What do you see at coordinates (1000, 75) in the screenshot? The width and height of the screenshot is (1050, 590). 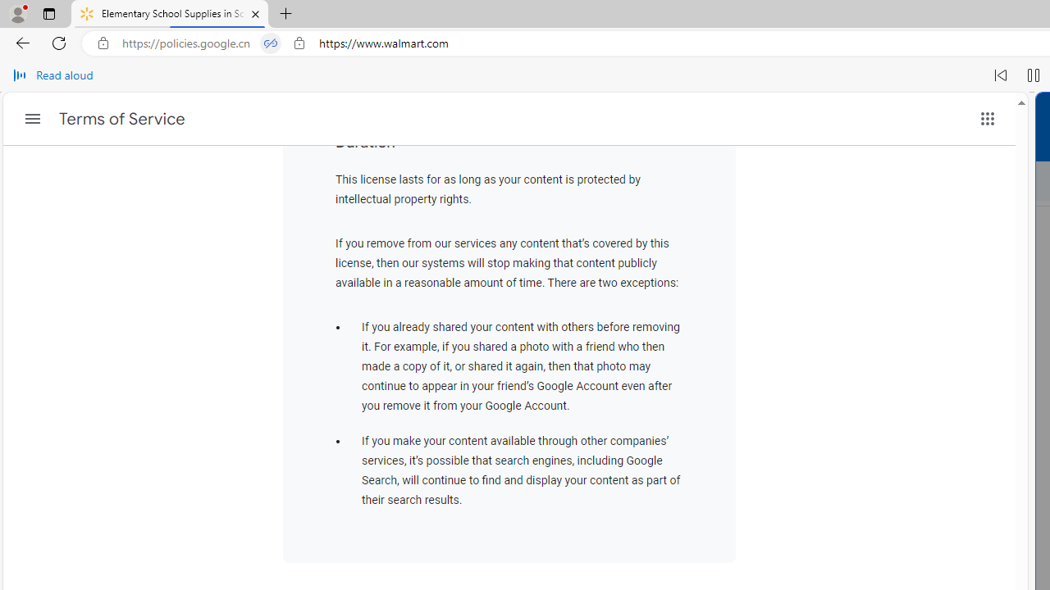 I see `'Read previous paragraph'` at bounding box center [1000, 75].